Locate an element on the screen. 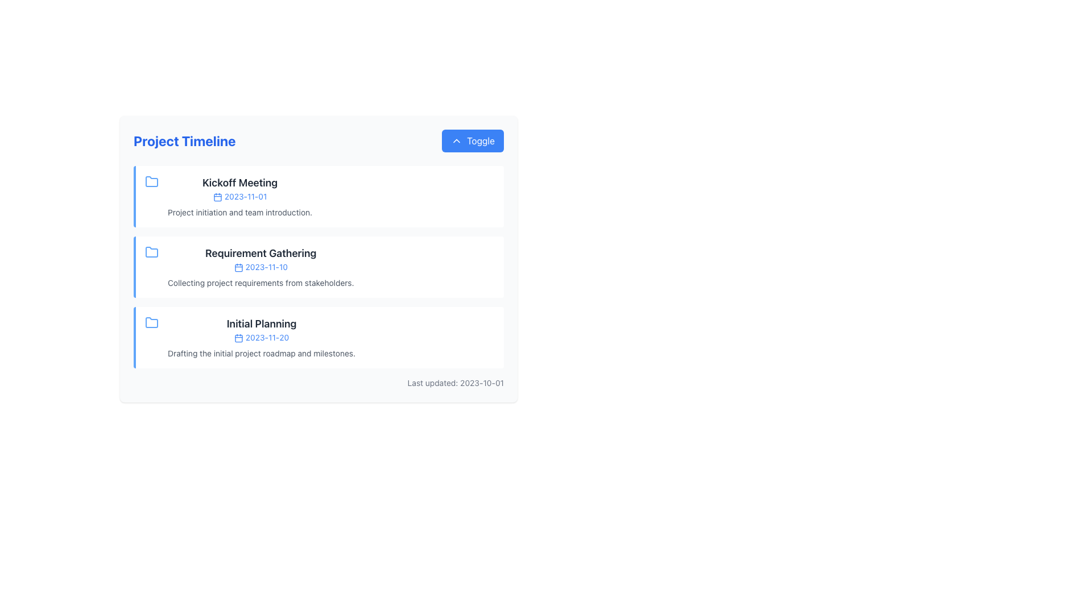  the inline text displaying the date '2023-11-10' or the adjacent calendar icon in the 'Requirement Gathering' section is located at coordinates (260, 267).